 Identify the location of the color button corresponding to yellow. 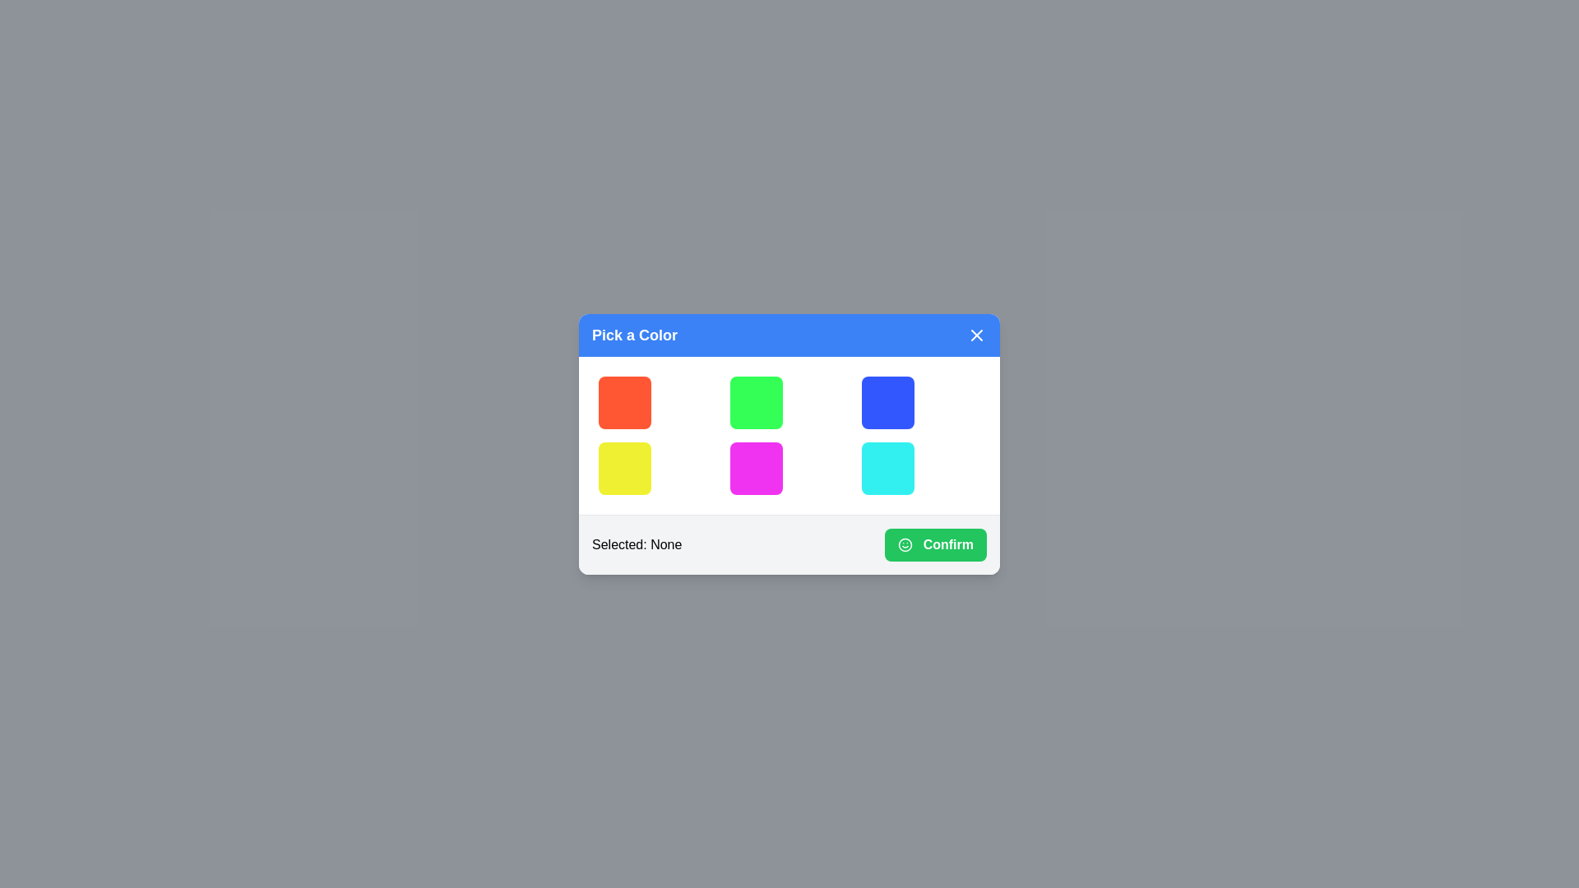
(623, 468).